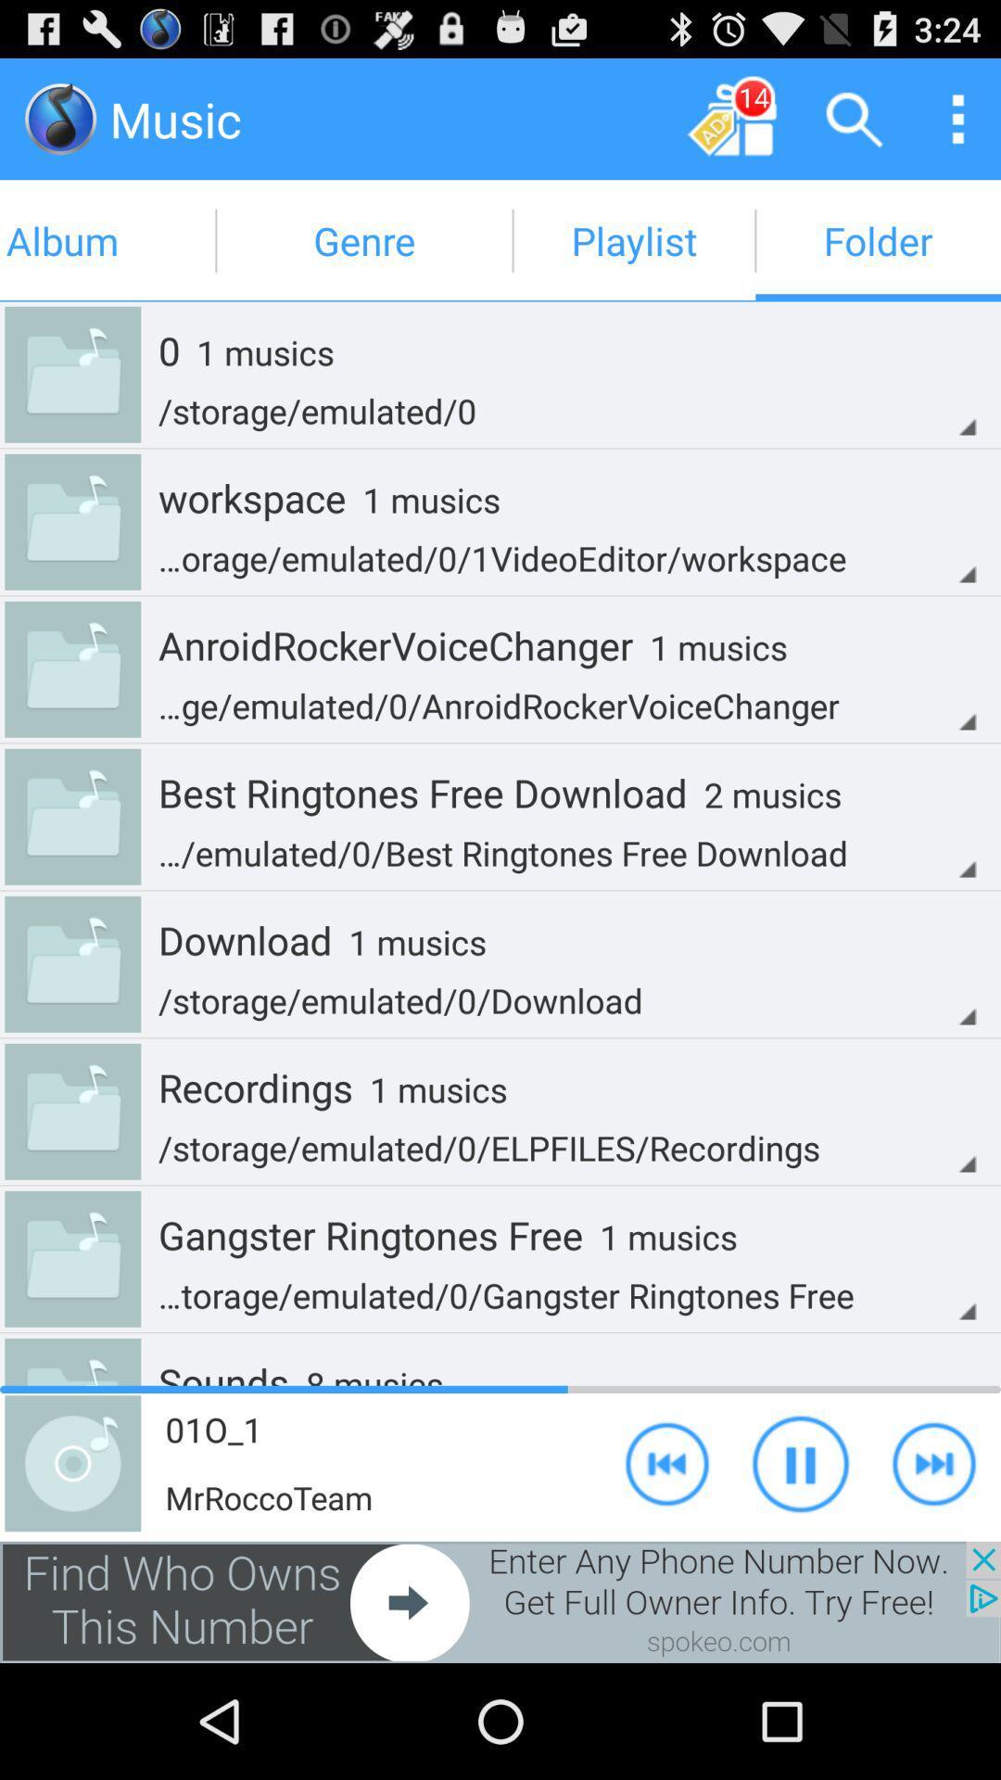 This screenshot has width=1001, height=1780. Describe the element at coordinates (800, 1462) in the screenshot. I see `play option` at that location.